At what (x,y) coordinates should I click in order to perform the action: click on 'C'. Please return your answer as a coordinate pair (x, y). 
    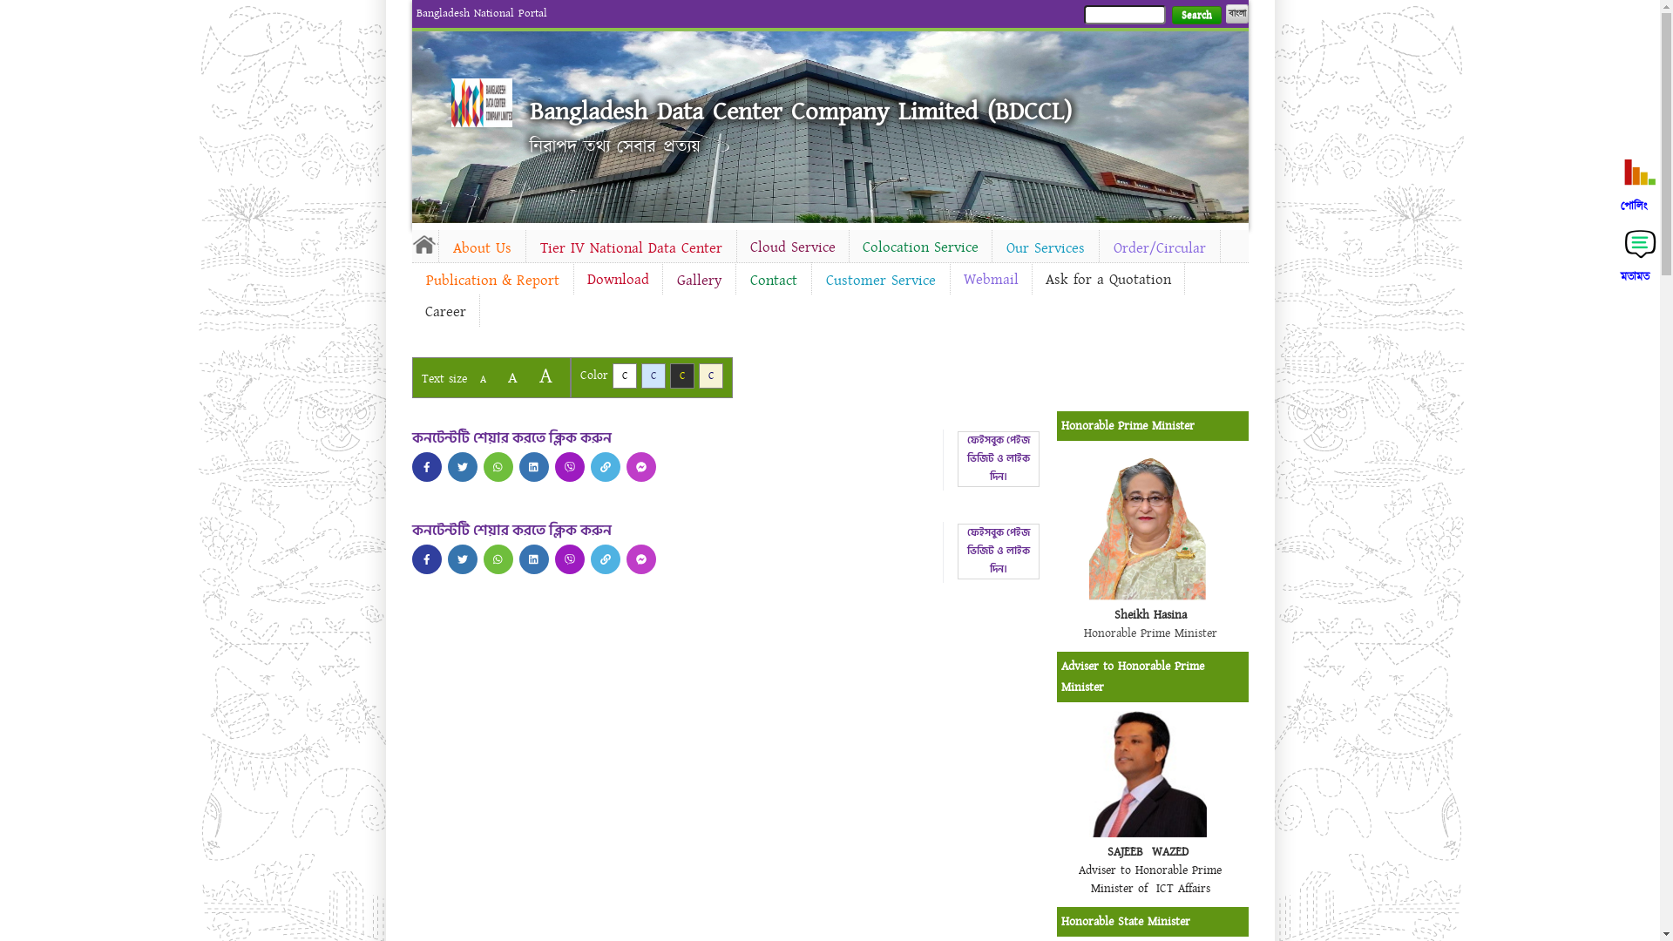
    Looking at the image, I should click on (711, 375).